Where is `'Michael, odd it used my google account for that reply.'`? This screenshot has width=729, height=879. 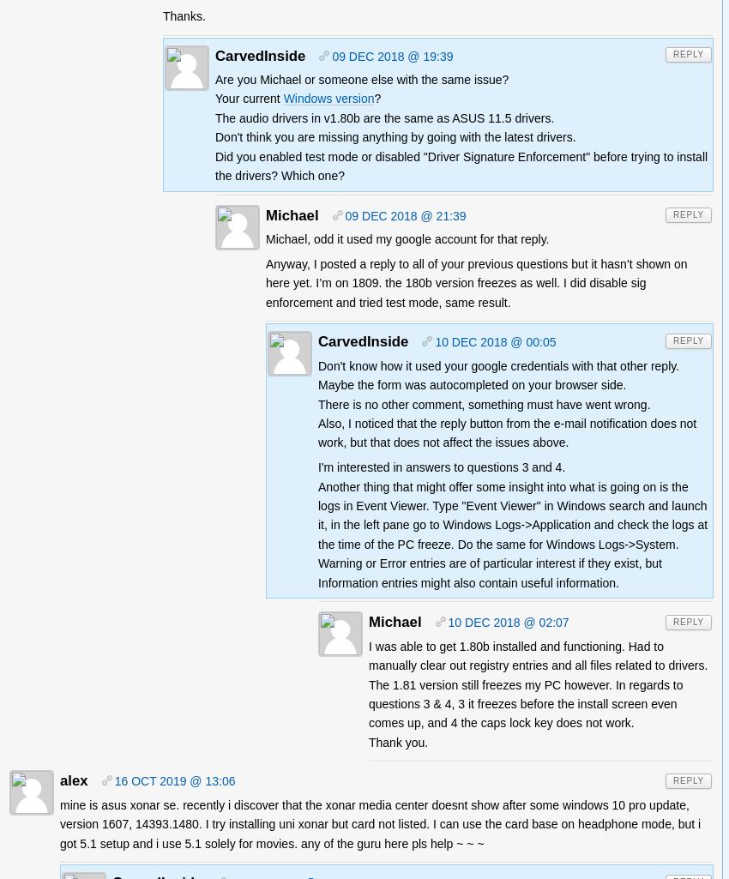 'Michael, odd it used my google account for that reply.' is located at coordinates (407, 238).